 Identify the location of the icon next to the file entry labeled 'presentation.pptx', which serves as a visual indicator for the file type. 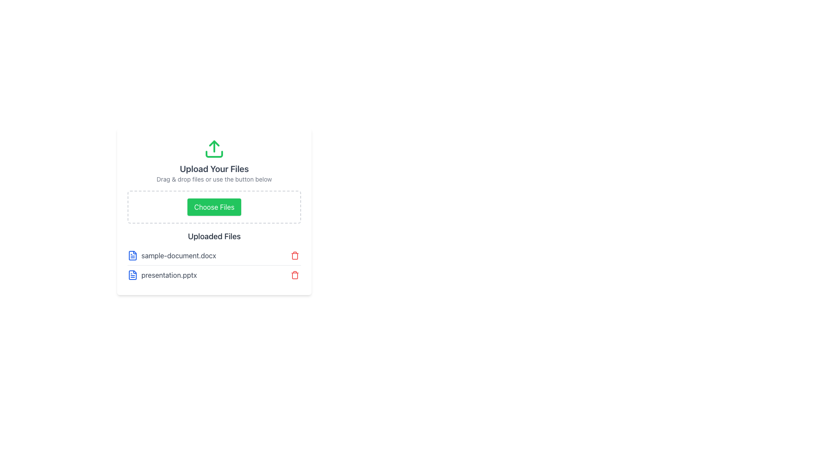
(132, 275).